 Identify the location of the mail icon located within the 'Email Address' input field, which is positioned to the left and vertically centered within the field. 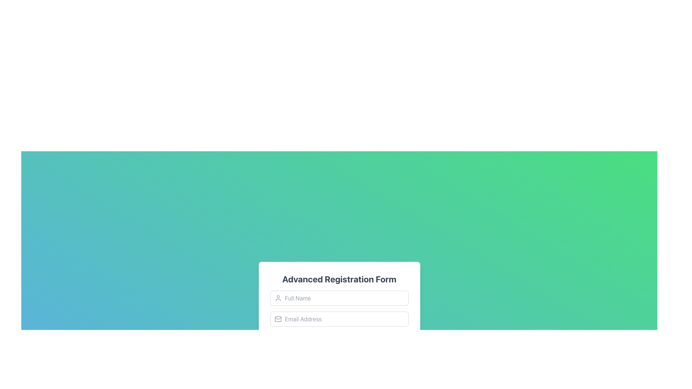
(278, 319).